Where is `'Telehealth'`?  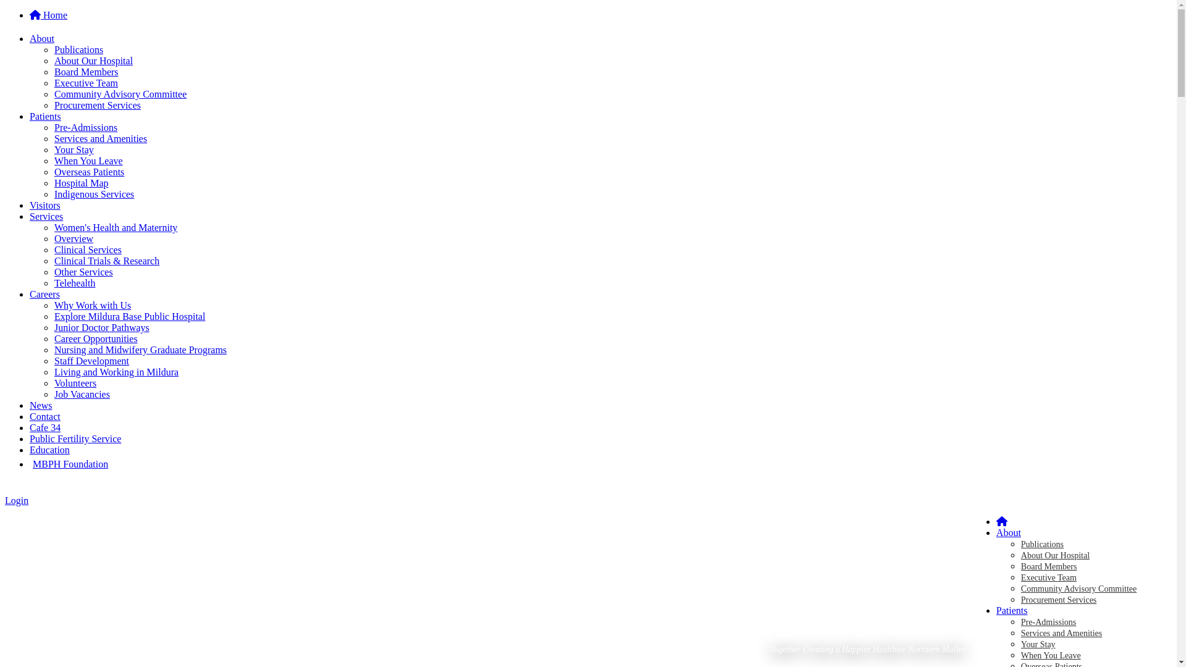
'Telehealth' is located at coordinates (74, 283).